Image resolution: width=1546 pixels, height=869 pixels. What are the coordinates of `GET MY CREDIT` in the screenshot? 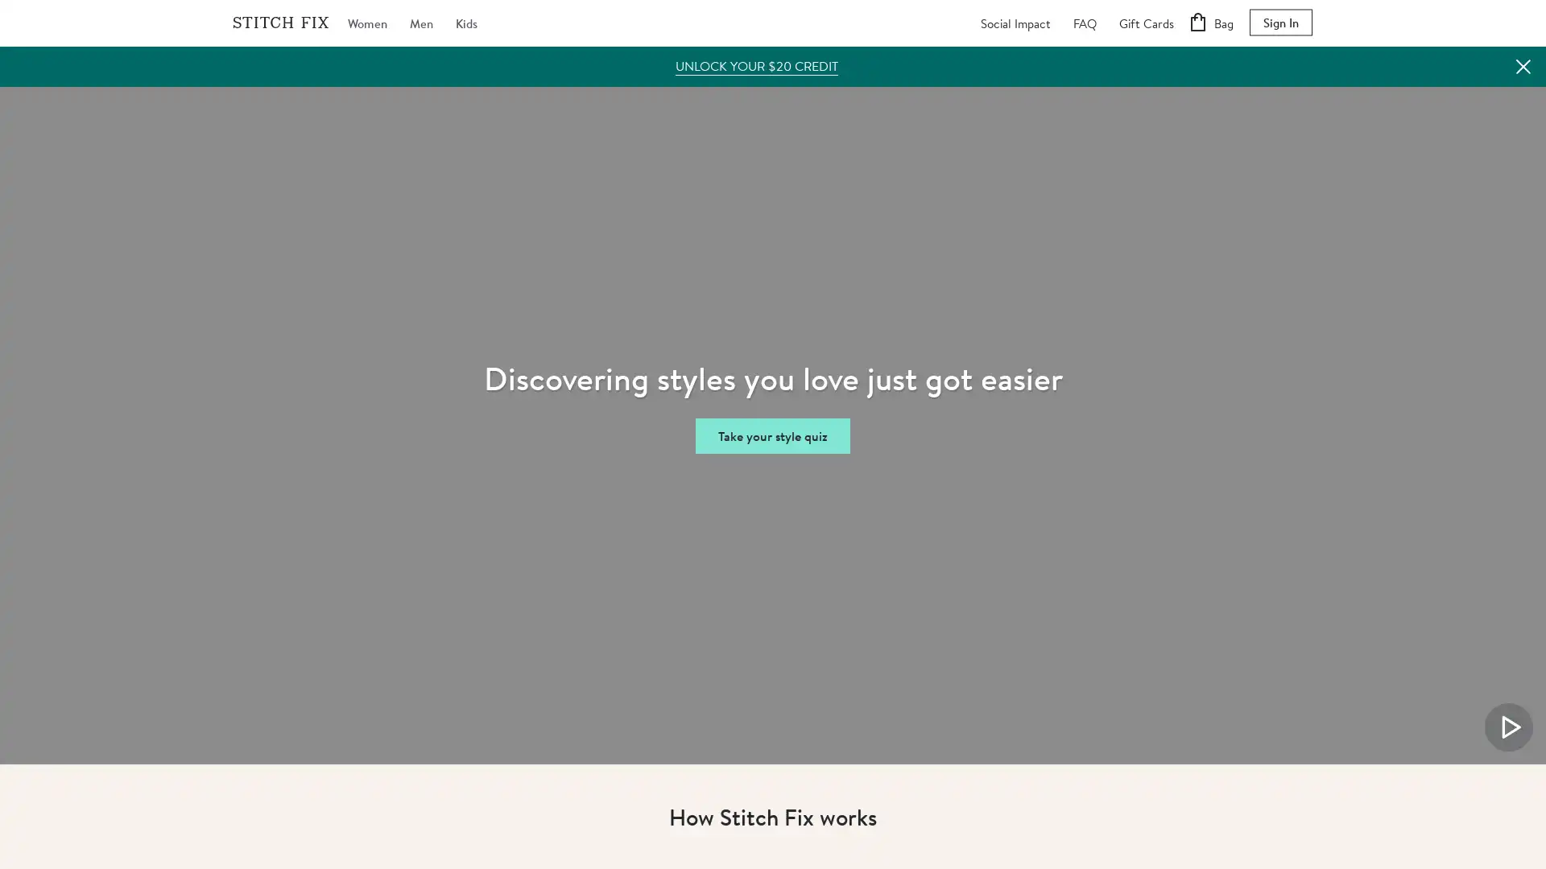 It's located at (773, 699).